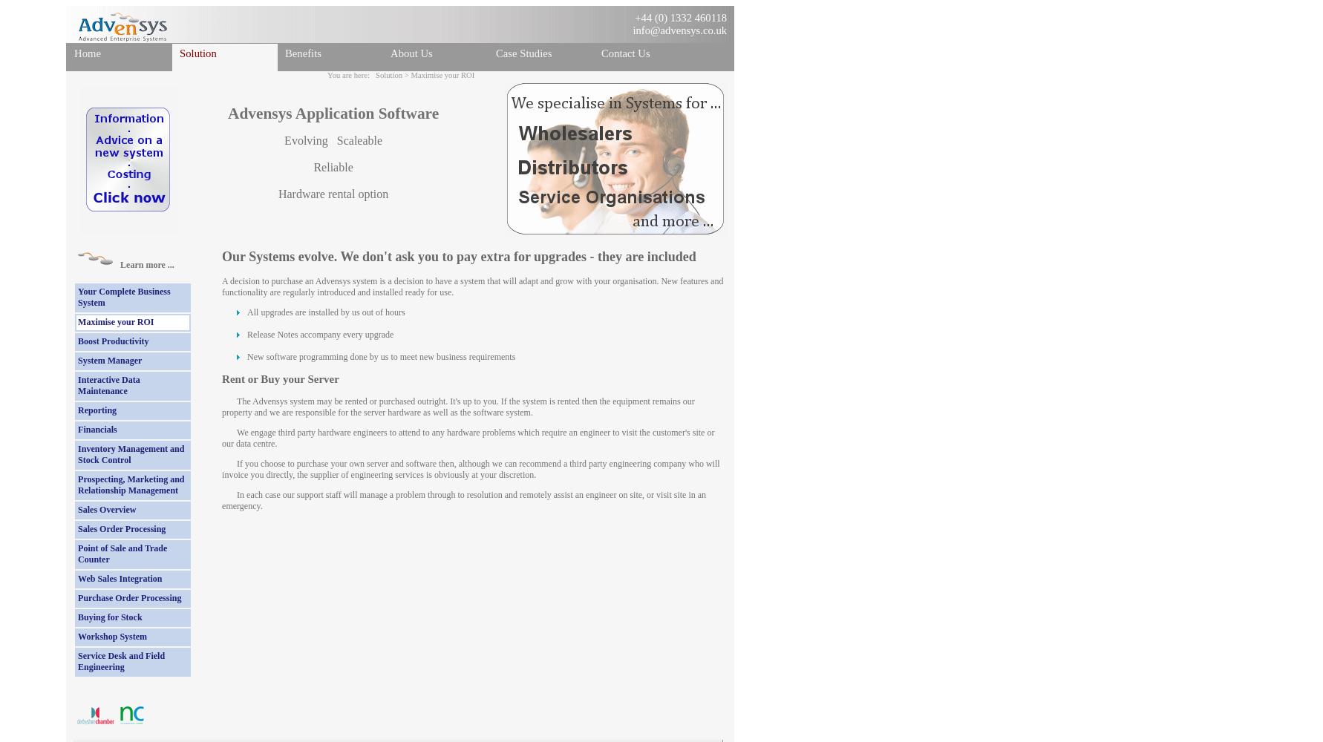  Describe the element at coordinates (470, 468) in the screenshot. I see `'If you choose to purchase your own server and software then, although we can recommend 
      a third party engineering company who will invoice you directly, the supplier of engineering
      services is obviously at your discretion.'` at that location.